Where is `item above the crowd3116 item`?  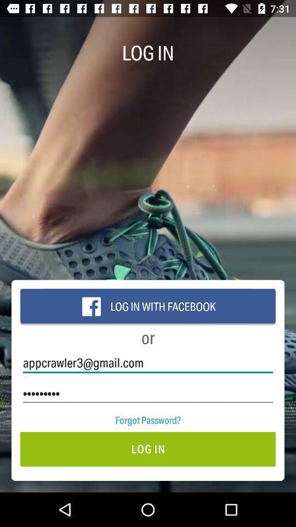 item above the crowd3116 item is located at coordinates (148, 363).